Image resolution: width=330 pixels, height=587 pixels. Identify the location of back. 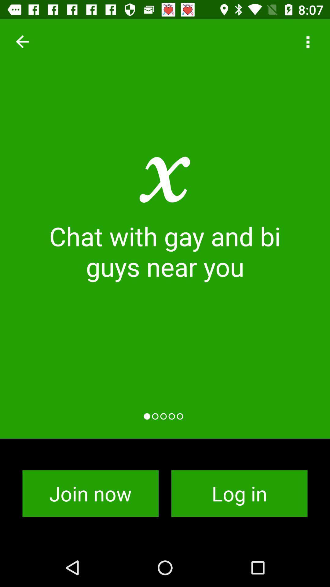
(22, 41).